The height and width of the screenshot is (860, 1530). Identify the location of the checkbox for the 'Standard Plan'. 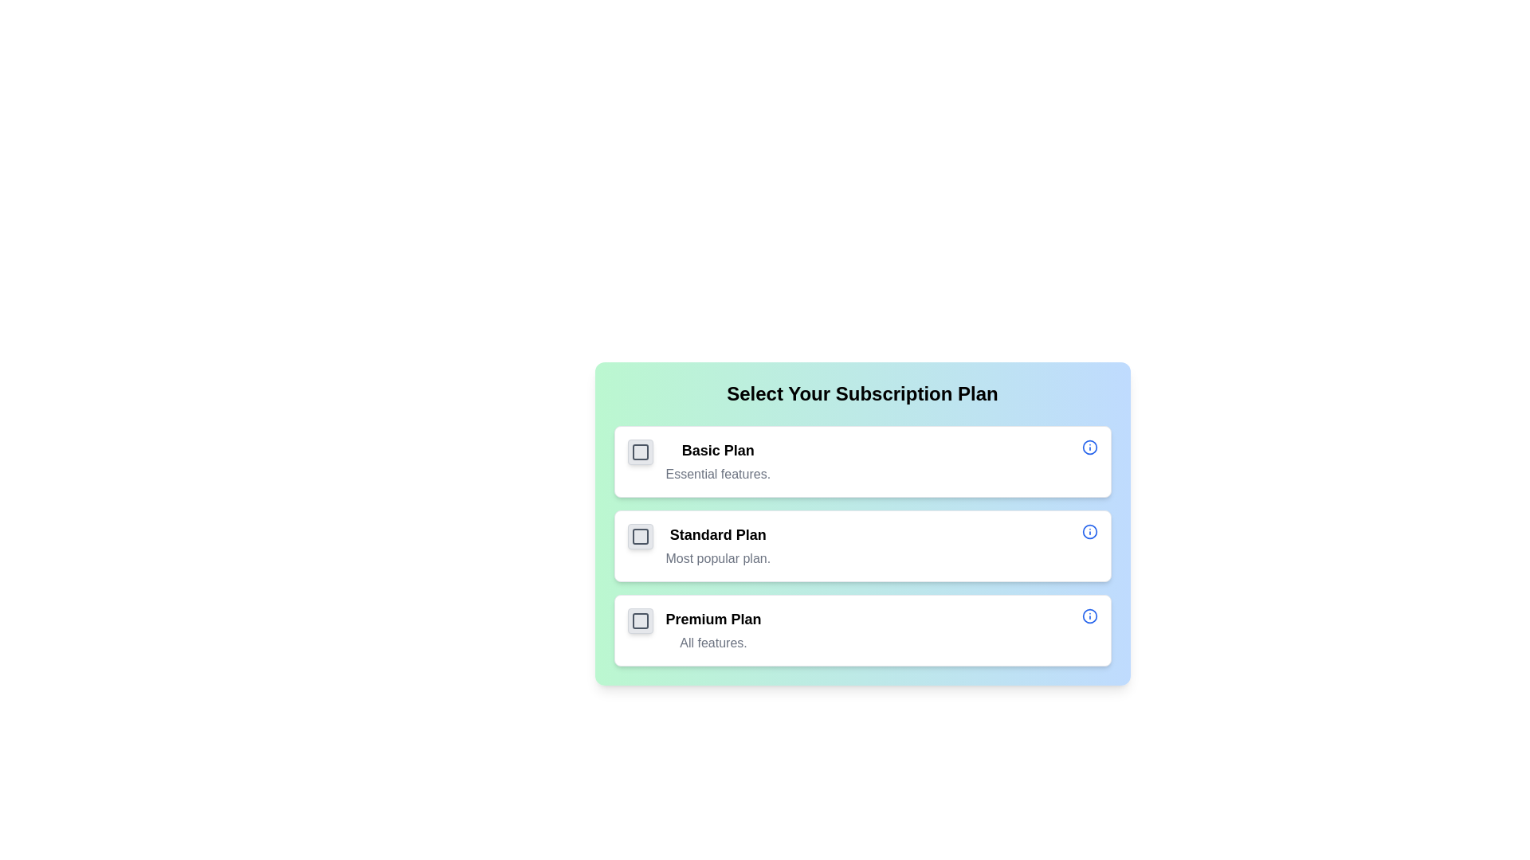
(640, 537).